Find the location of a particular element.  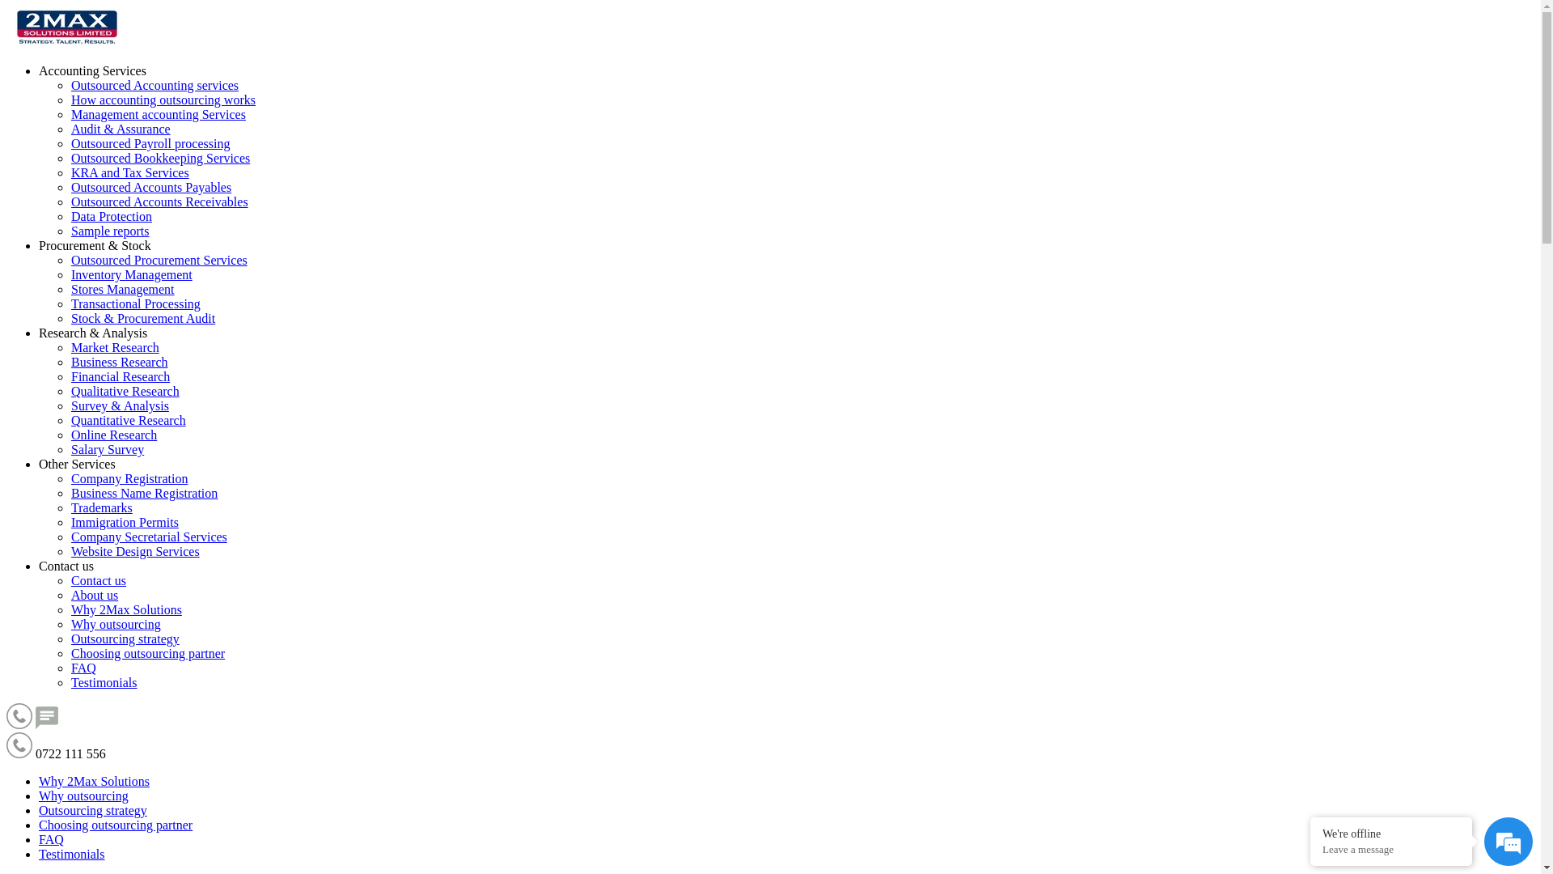

'Other Services' is located at coordinates (76, 464).